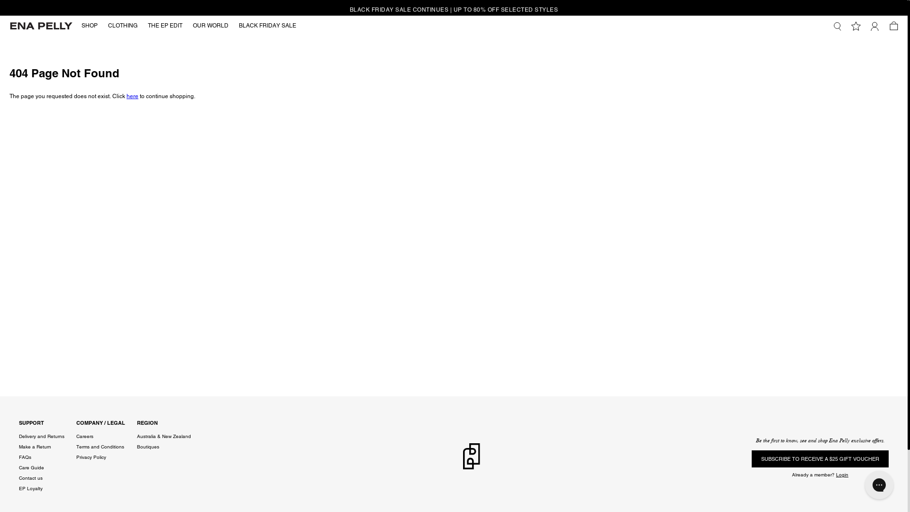  Describe the element at coordinates (878, 485) in the screenshot. I see `'Gorgias live chat messenger'` at that location.